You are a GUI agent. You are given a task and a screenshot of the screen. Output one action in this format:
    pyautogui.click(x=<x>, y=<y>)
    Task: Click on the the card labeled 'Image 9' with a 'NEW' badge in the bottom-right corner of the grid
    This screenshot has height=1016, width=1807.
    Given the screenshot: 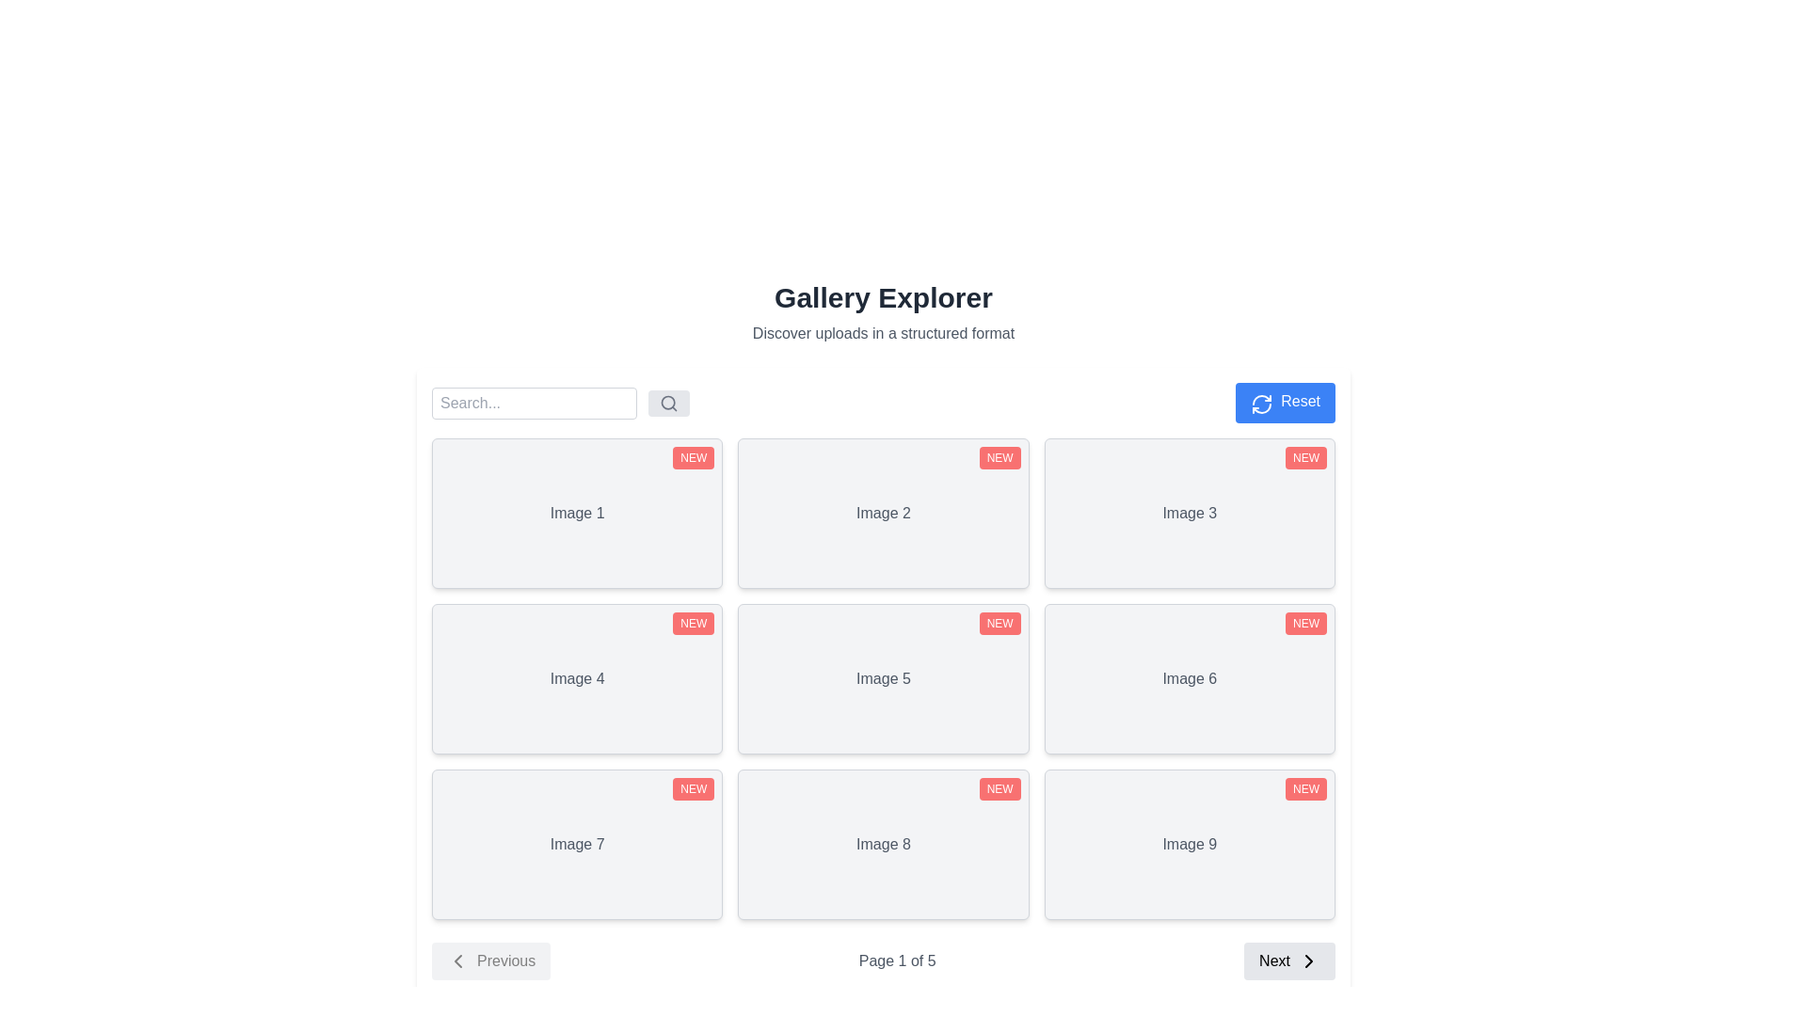 What is the action you would take?
    pyautogui.click(x=1188, y=844)
    